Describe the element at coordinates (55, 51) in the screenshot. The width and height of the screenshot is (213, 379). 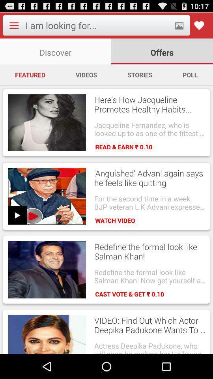
I see `discover app` at that location.